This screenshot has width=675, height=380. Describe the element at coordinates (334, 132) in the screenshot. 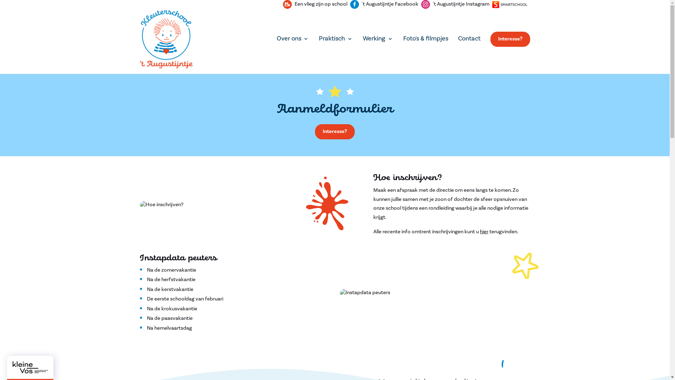

I see `'Interesse?'` at that location.